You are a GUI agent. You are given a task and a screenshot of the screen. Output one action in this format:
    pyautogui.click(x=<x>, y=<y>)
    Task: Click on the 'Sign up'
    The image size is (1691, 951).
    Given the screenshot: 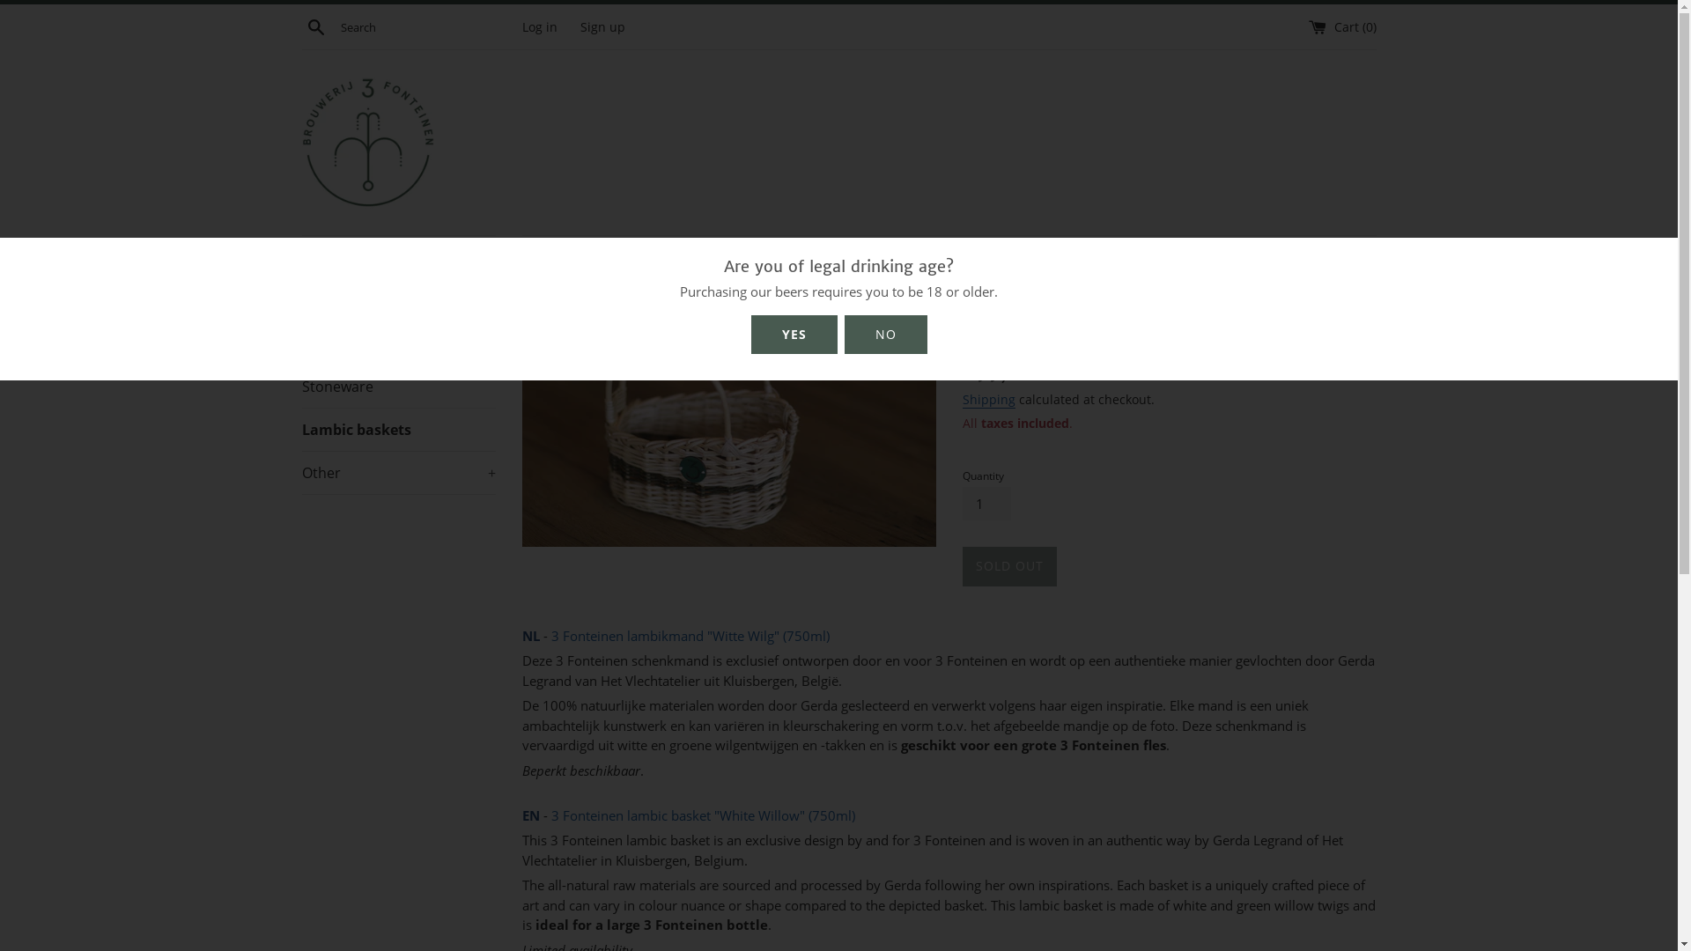 What is the action you would take?
    pyautogui.click(x=602, y=26)
    